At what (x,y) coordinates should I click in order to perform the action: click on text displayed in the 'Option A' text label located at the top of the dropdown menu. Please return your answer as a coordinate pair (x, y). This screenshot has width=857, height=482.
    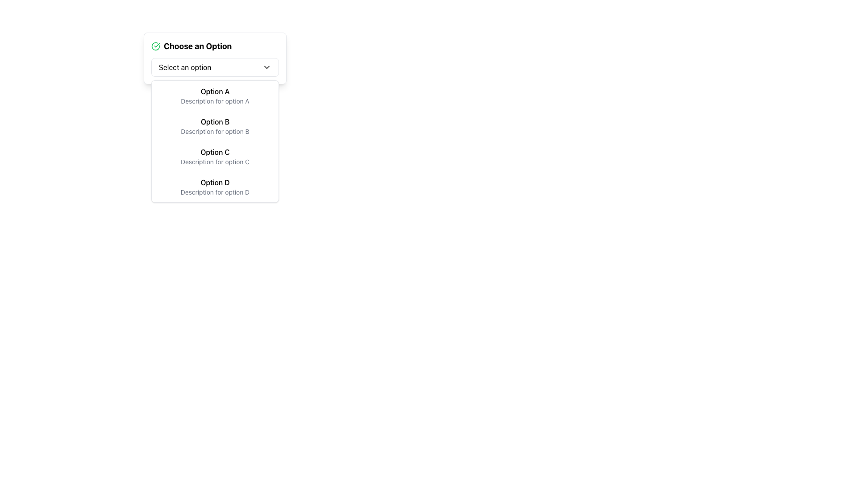
    Looking at the image, I should click on (215, 91).